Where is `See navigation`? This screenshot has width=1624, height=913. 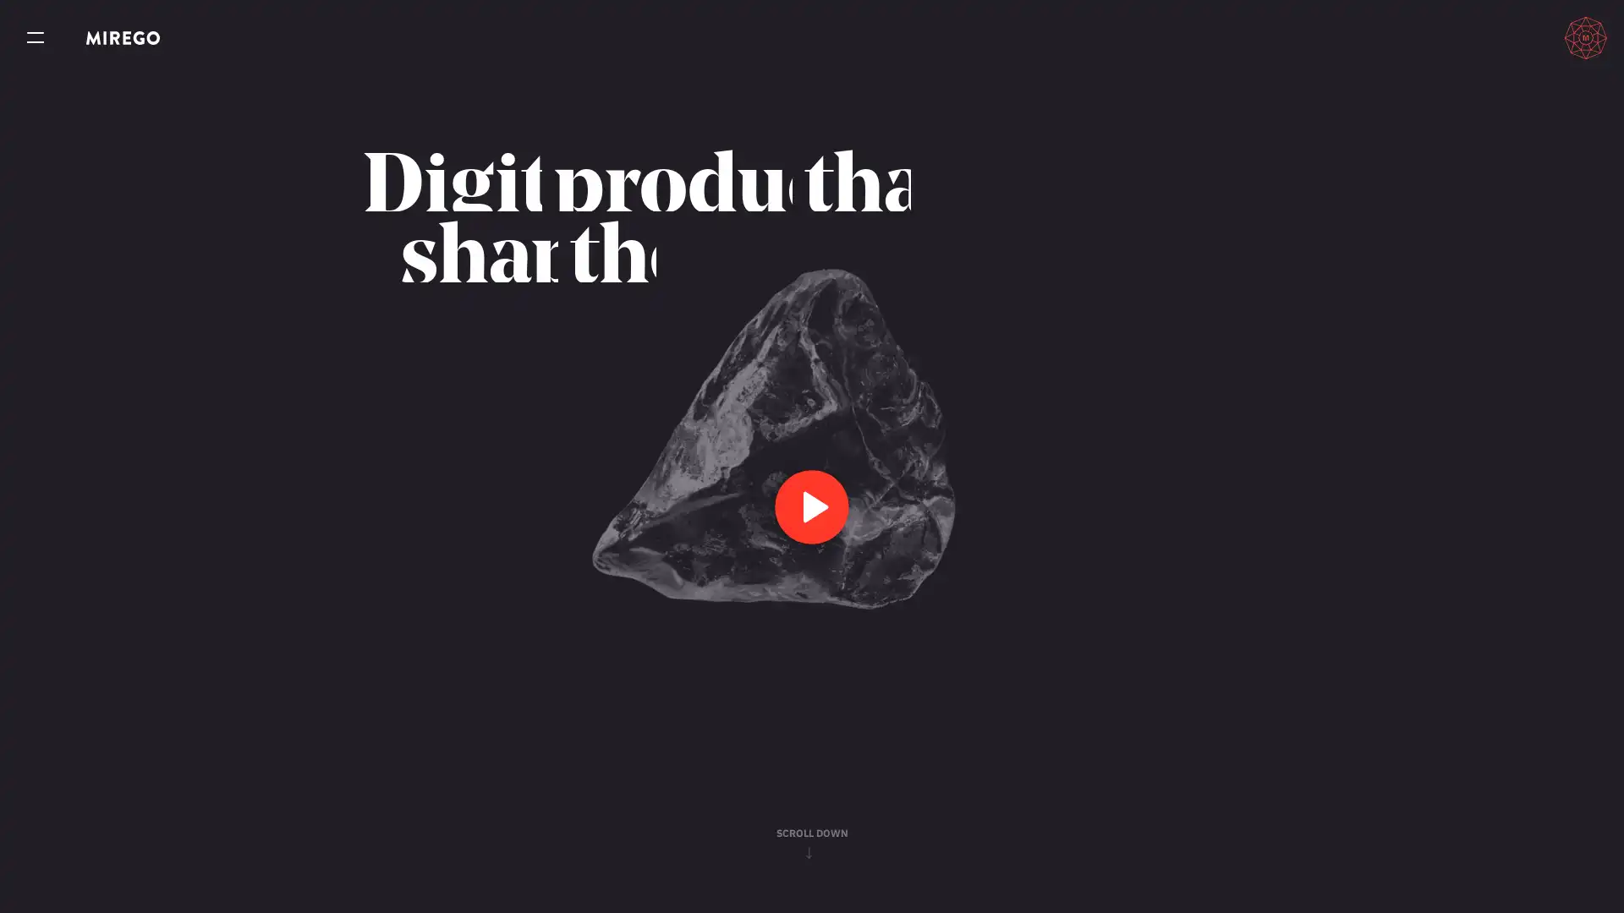
See navigation is located at coordinates (36, 38).